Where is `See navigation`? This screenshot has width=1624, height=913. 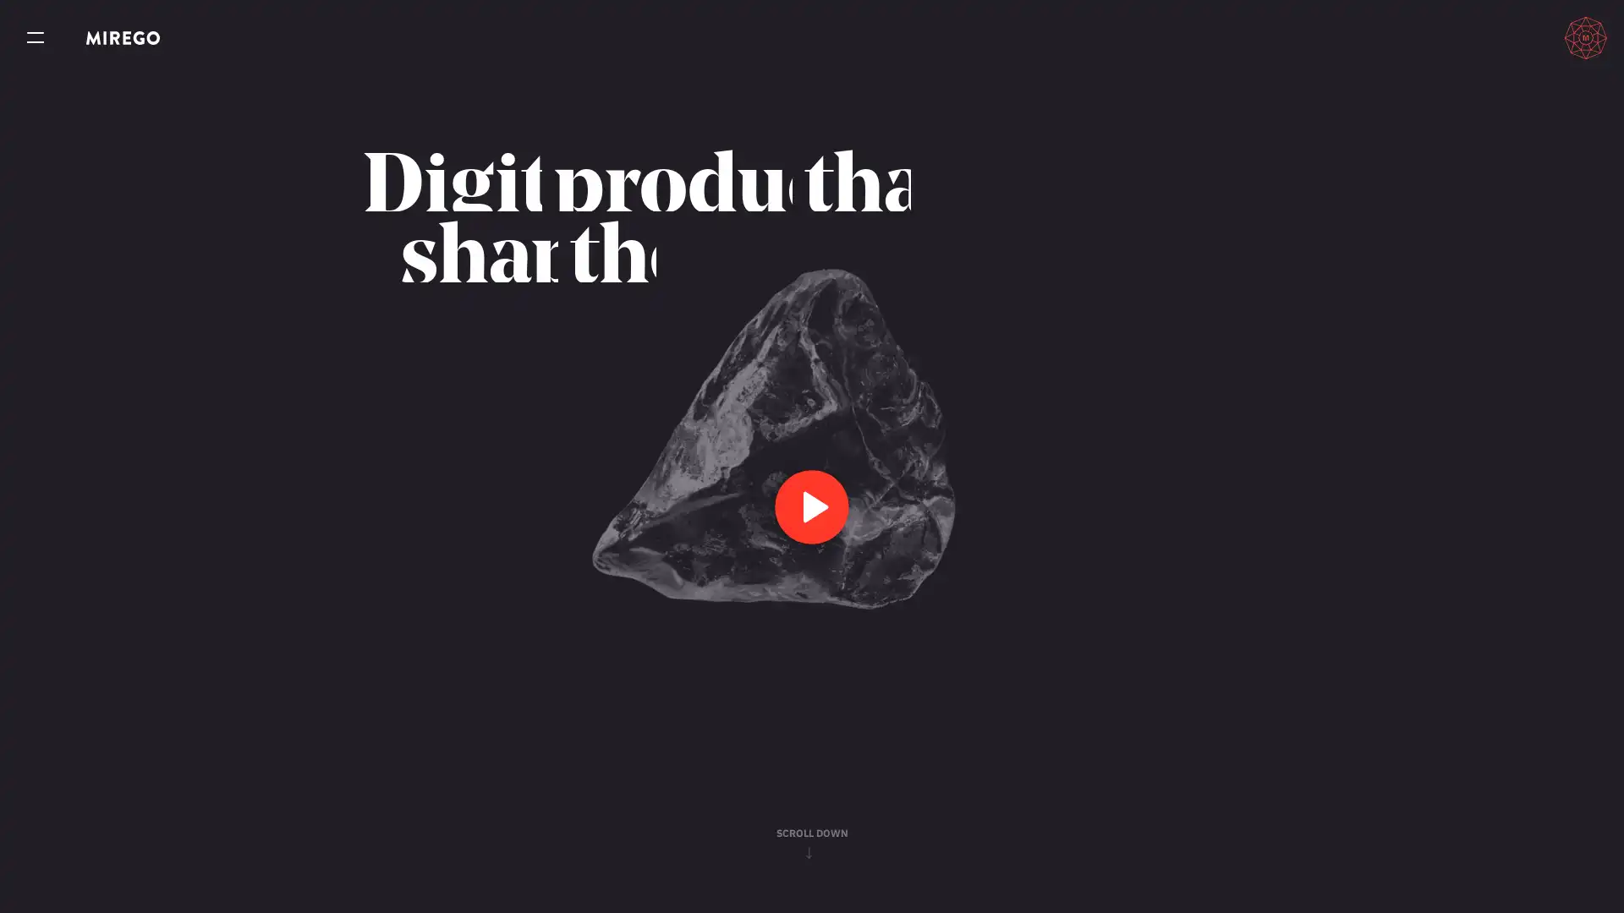
See navigation is located at coordinates (36, 38).